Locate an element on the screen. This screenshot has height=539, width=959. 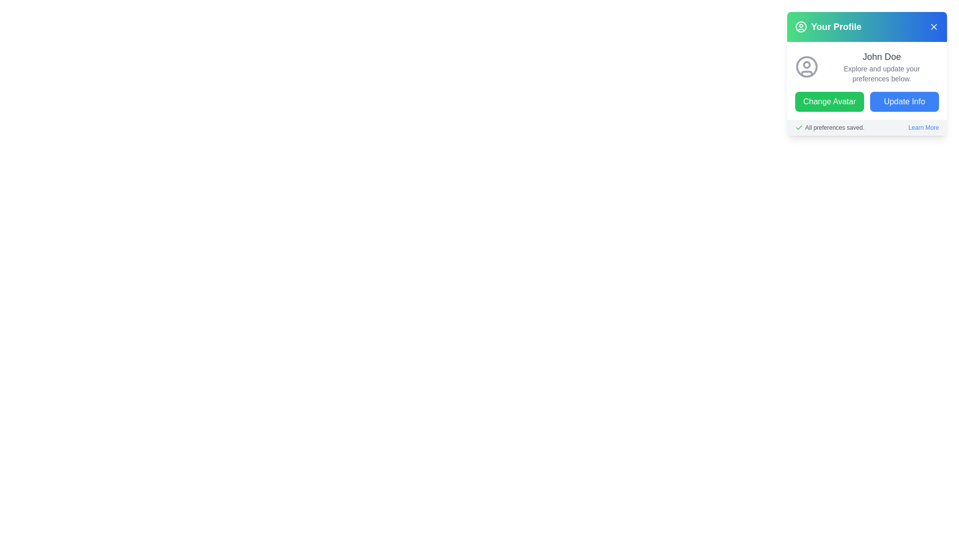
the circular icon located to the left of the 'John Doe' text, which has an outer circle and an inner head-like shape styled in gray is located at coordinates (807, 67).